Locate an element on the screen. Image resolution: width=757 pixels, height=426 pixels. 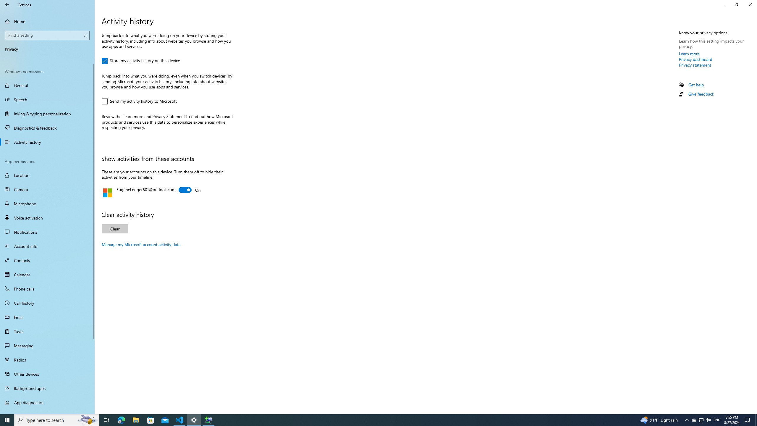
'Location' is located at coordinates (47, 175).